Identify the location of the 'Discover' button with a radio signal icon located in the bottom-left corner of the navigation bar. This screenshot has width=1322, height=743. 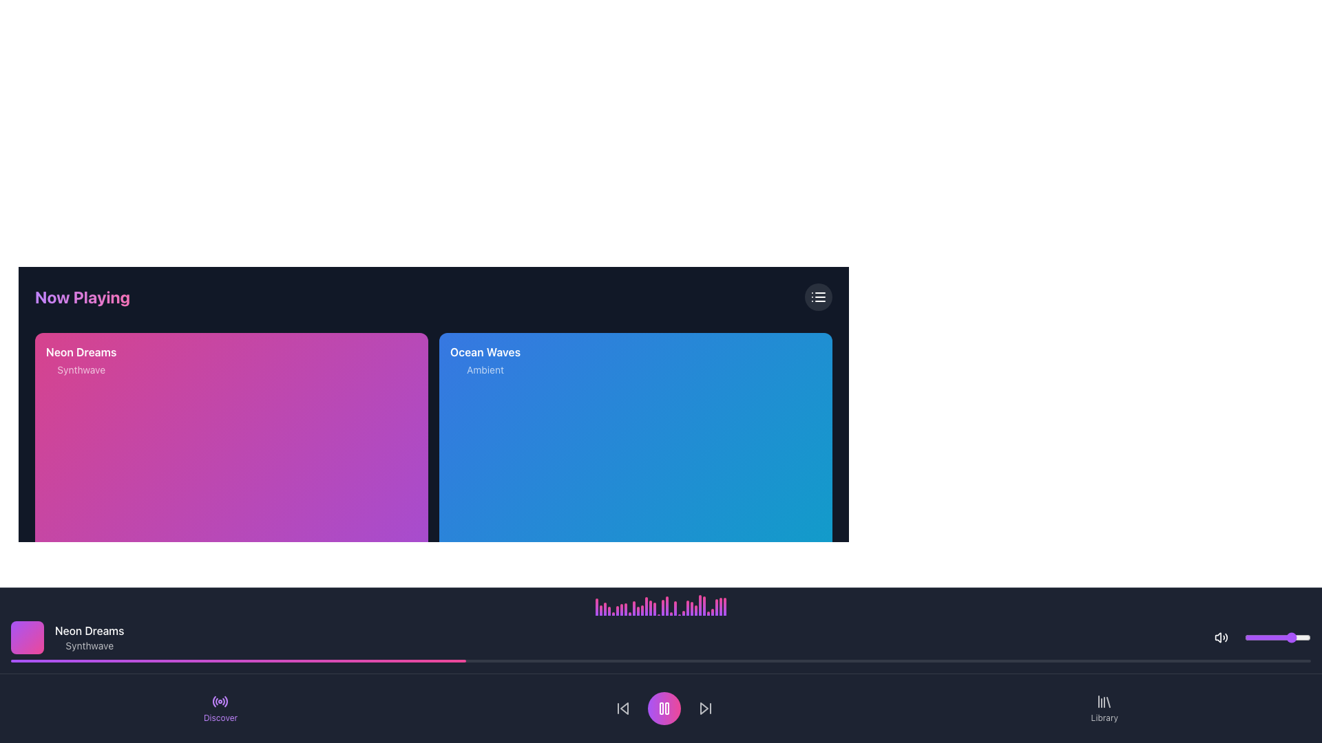
(220, 708).